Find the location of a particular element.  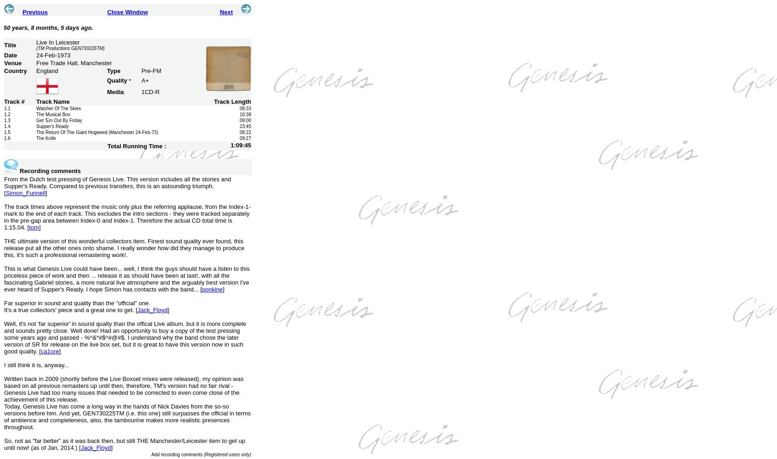

'Get 'Em Out By Friday' is located at coordinates (59, 120).